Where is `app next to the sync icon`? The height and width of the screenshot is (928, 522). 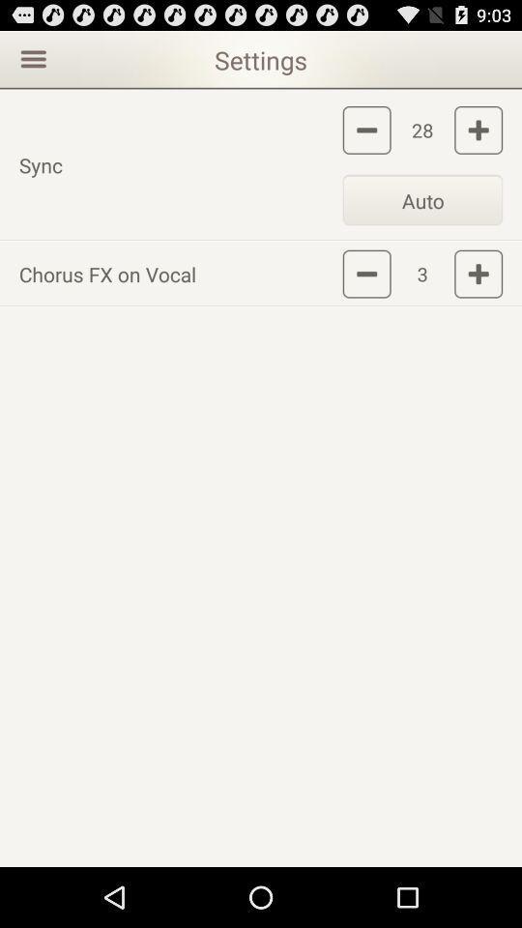
app next to the sync icon is located at coordinates (421, 199).